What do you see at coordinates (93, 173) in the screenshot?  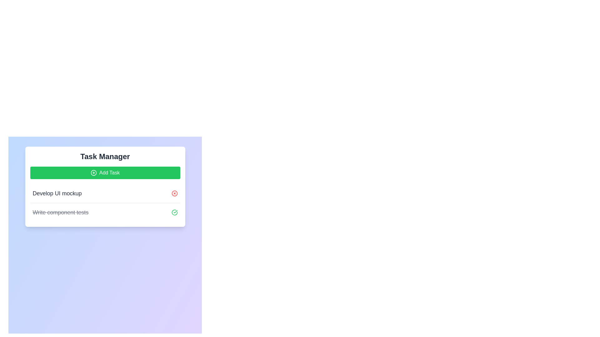 I see `the 'Add Task' icon located within the green 'Add Task' button at the top section of the 'Task Manager' content box` at bounding box center [93, 173].